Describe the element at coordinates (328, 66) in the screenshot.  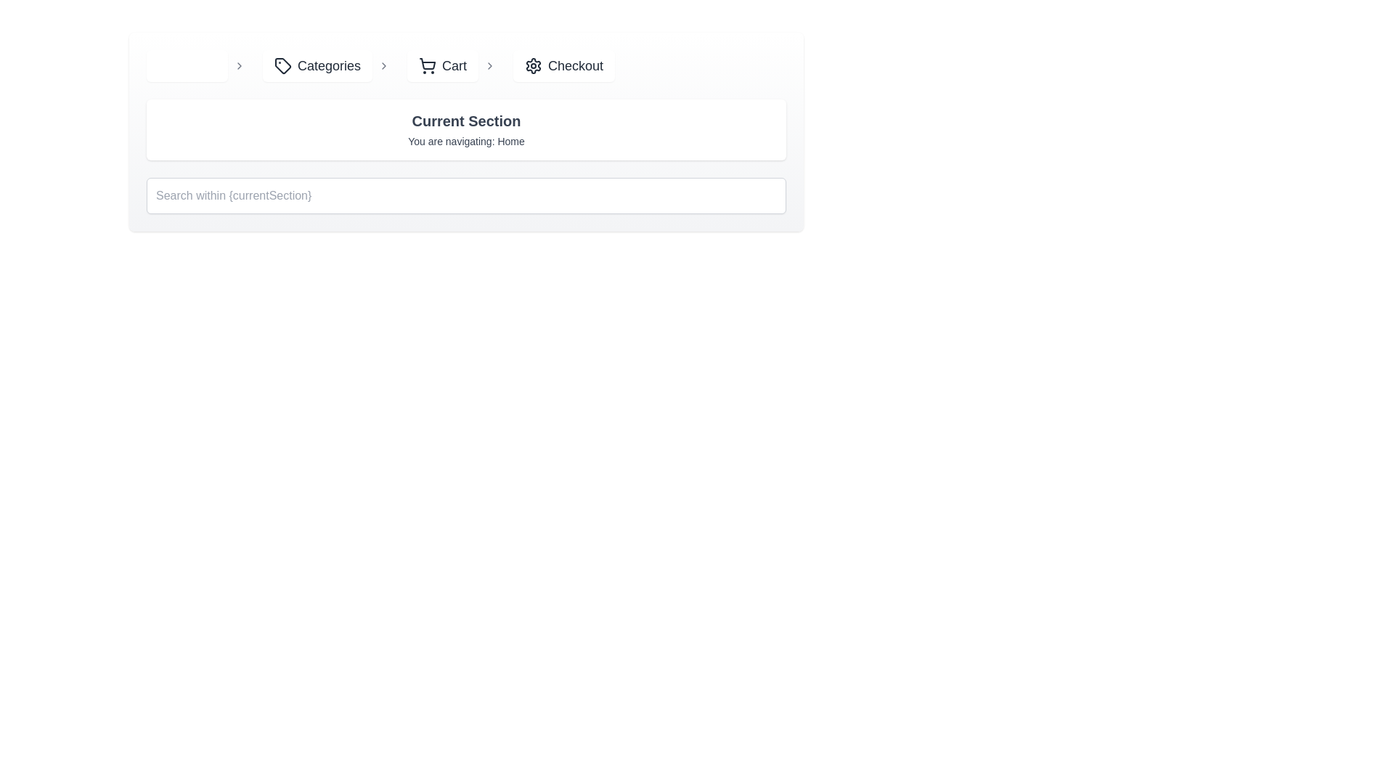
I see `the 'Categories' text label in the navigation bar, which is styled in bold, medium-sized font and positioned next to a tag icon` at that location.